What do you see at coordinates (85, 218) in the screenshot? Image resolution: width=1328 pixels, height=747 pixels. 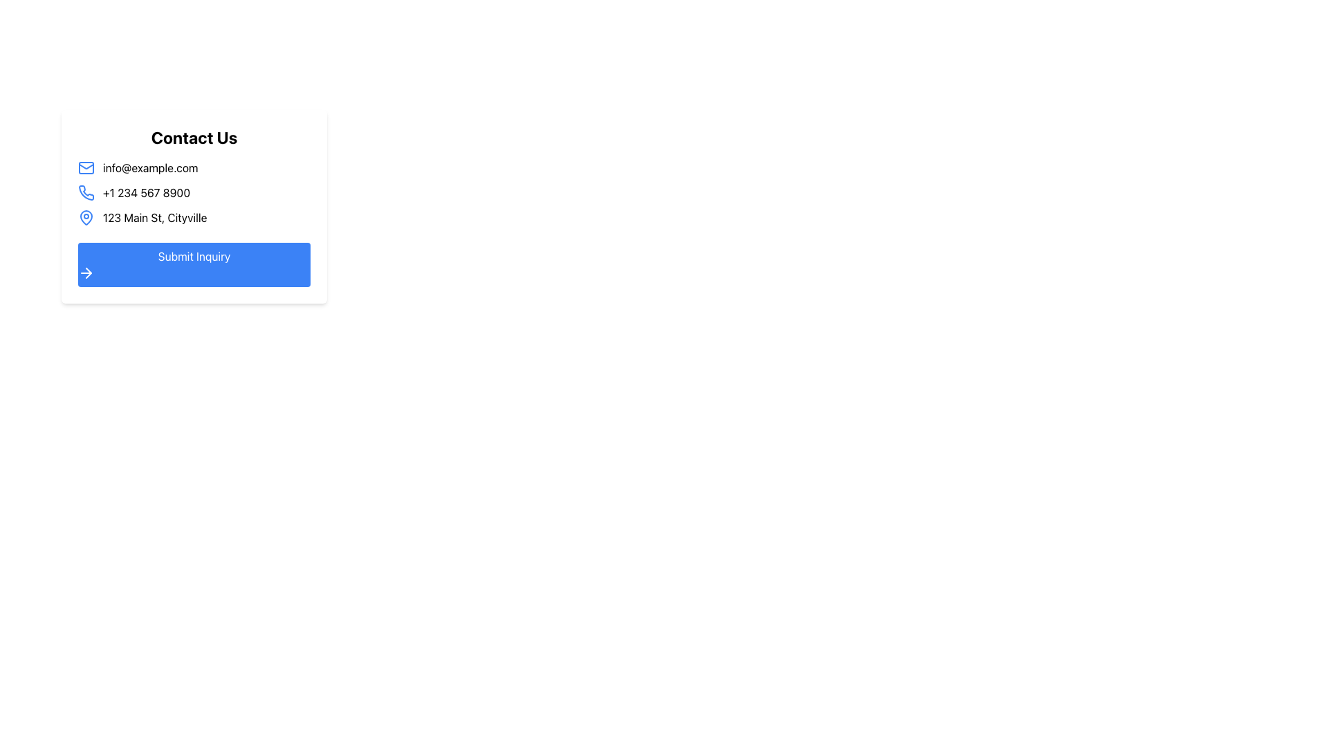 I see `the blue map pin icon located to the left of the '123 Main St, Cityville' text, which is positioned below the phone number entry and above the 'Submit Inquiry' button within the contact card section` at bounding box center [85, 218].